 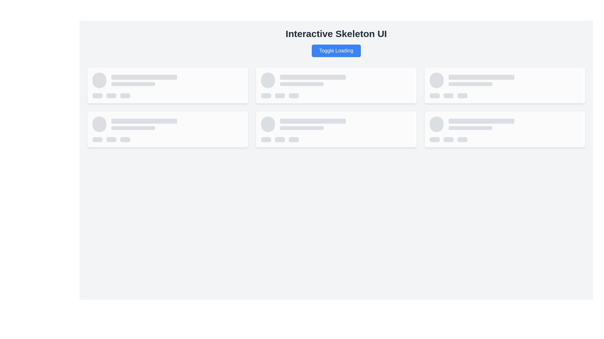 What do you see at coordinates (336, 85) in the screenshot?
I see `the second placeholder card with loading animation located in the top-middle column of the grid layout` at bounding box center [336, 85].